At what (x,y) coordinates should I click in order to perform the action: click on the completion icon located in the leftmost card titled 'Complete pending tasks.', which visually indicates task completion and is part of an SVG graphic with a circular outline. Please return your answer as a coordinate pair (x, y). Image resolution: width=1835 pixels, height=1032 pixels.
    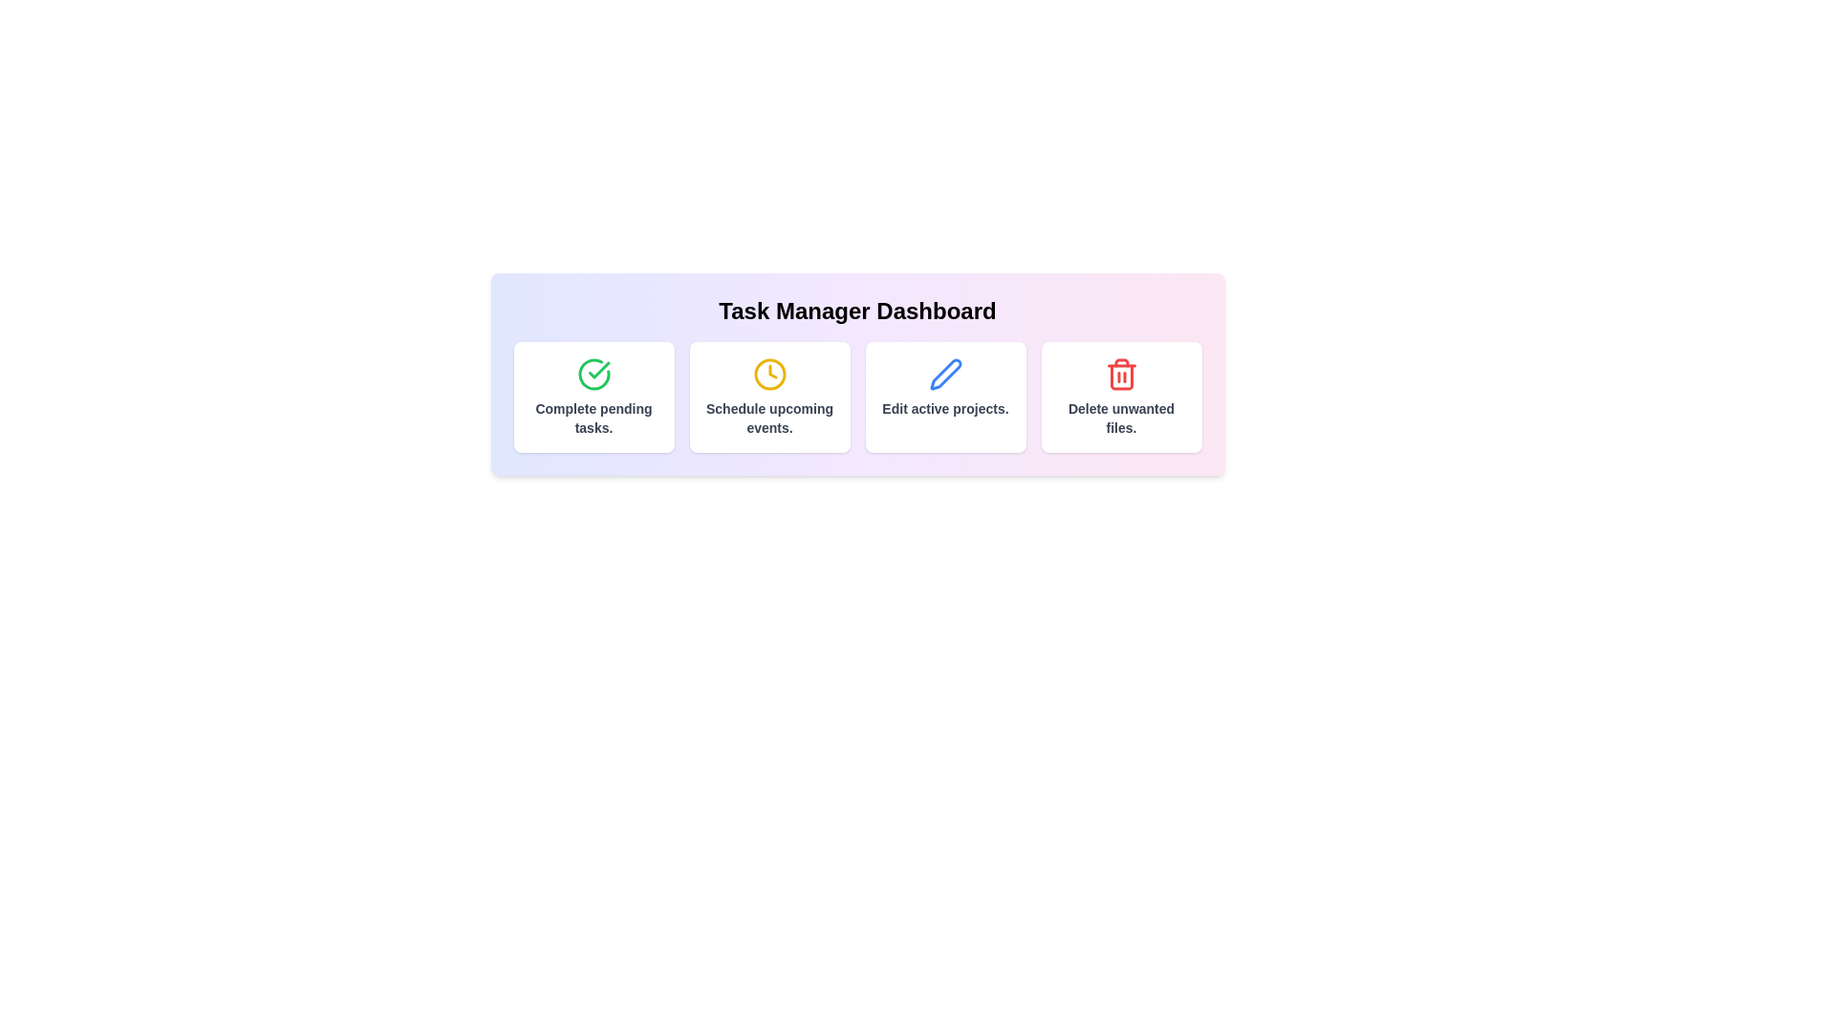
    Looking at the image, I should click on (597, 370).